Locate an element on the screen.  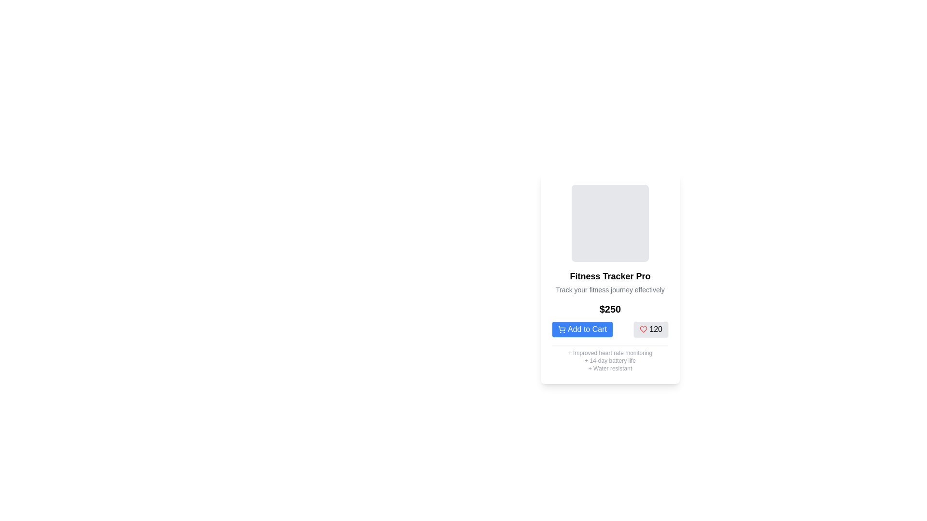
the static text displaying 'Track your fitness journey effectively', which is located beneath the bold title 'Fitness Tracker Pro' in the card structure is located at coordinates (609, 289).